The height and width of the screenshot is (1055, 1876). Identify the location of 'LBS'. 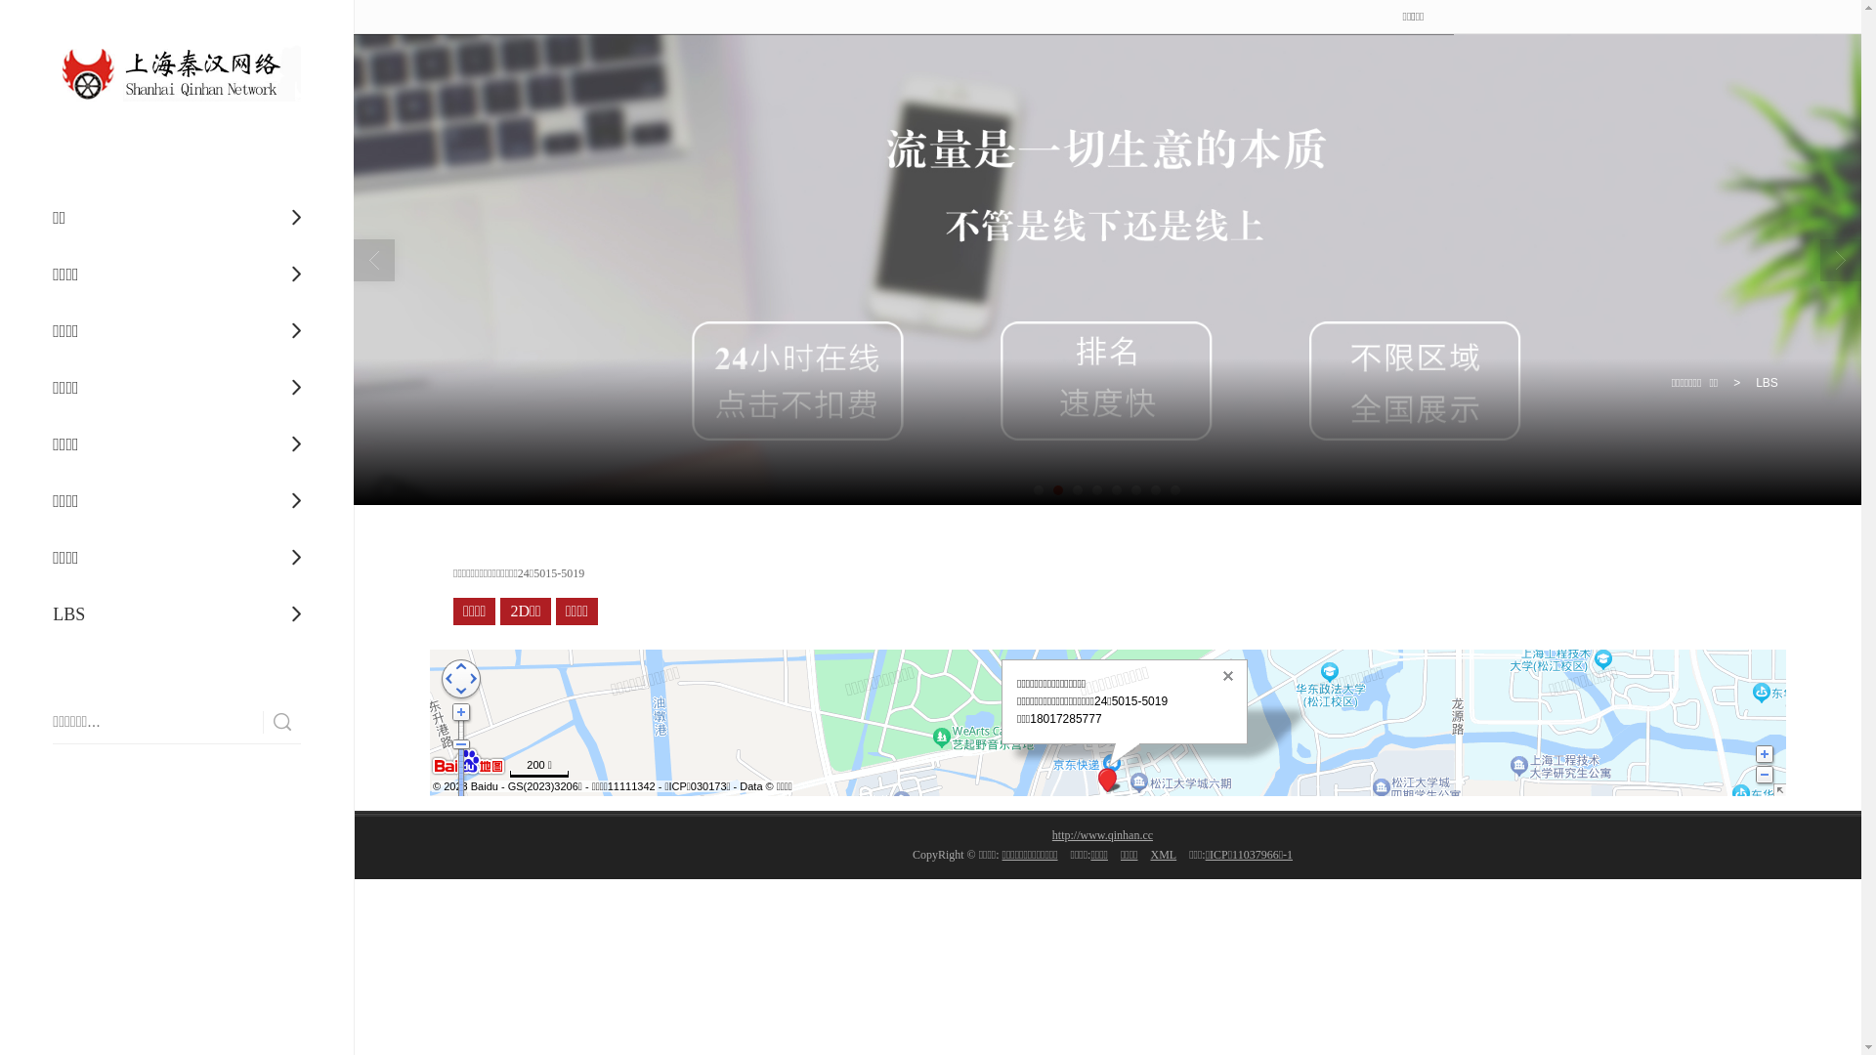
(1767, 383).